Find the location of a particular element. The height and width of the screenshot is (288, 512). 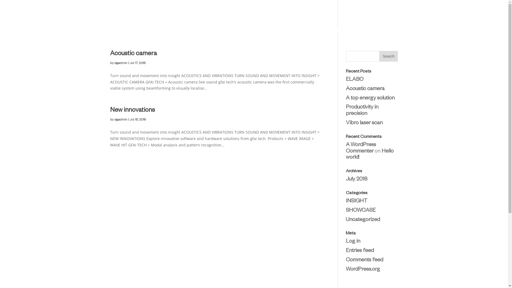

'A top energy solution' is located at coordinates (370, 99).